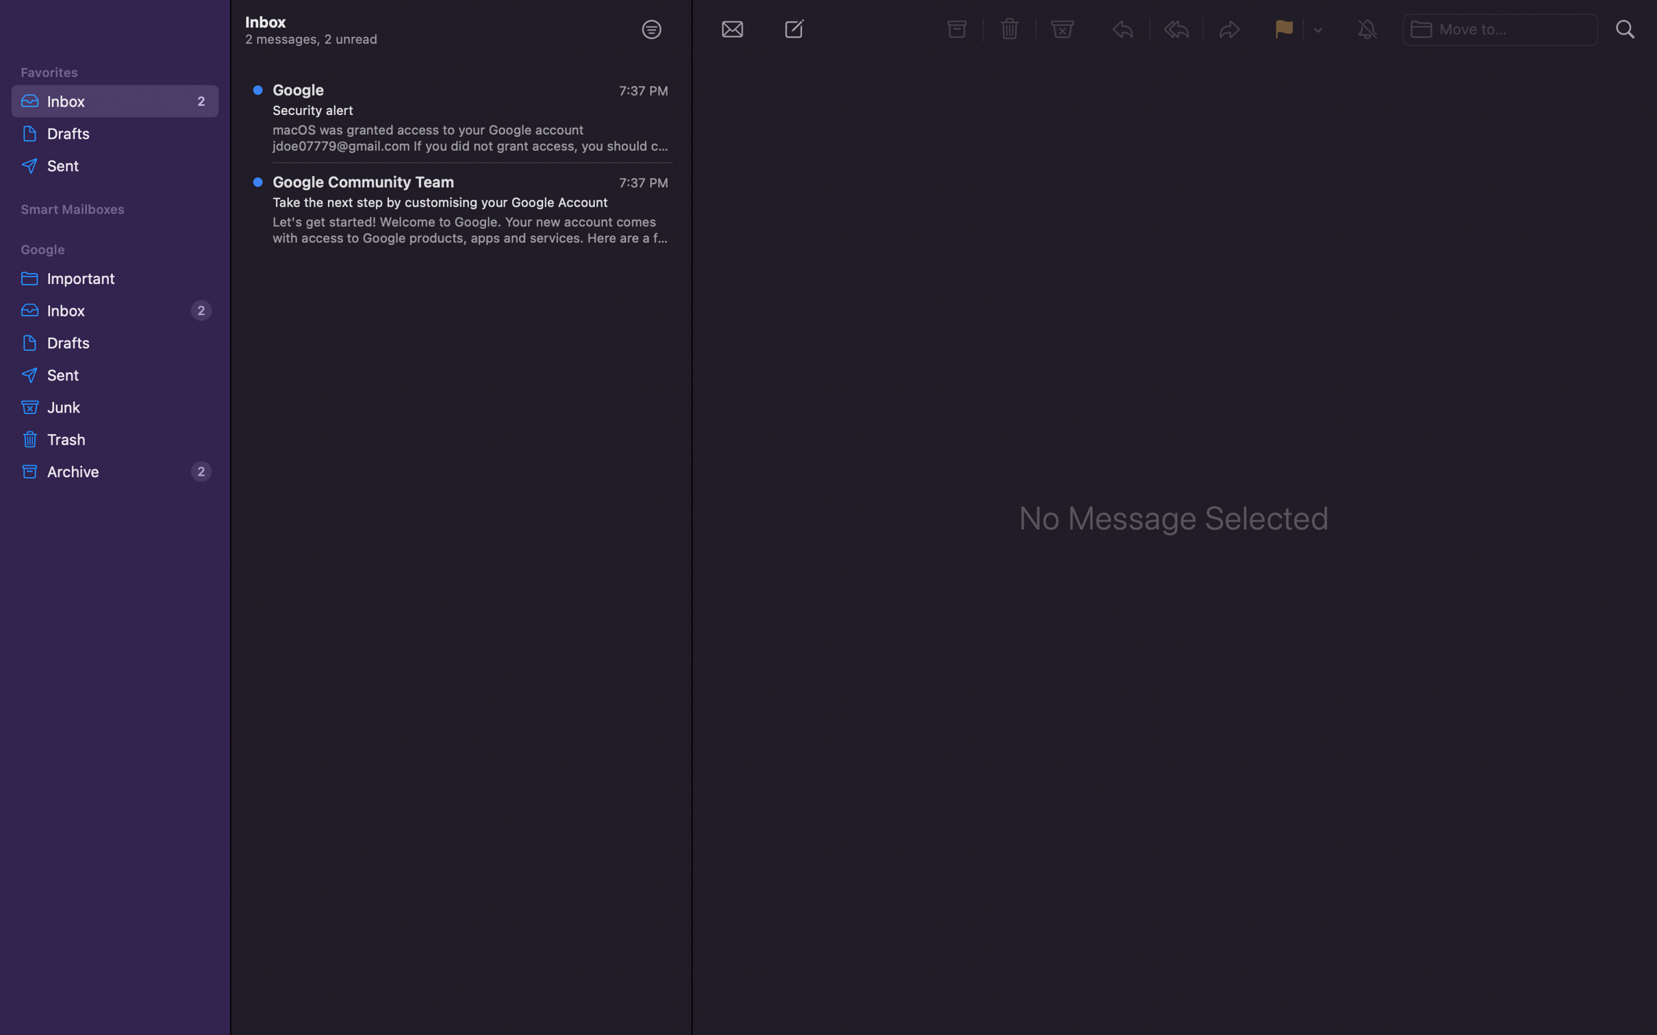 The width and height of the screenshot is (1657, 1035). I want to click on Click the option to view the important mail, so click(112, 276).